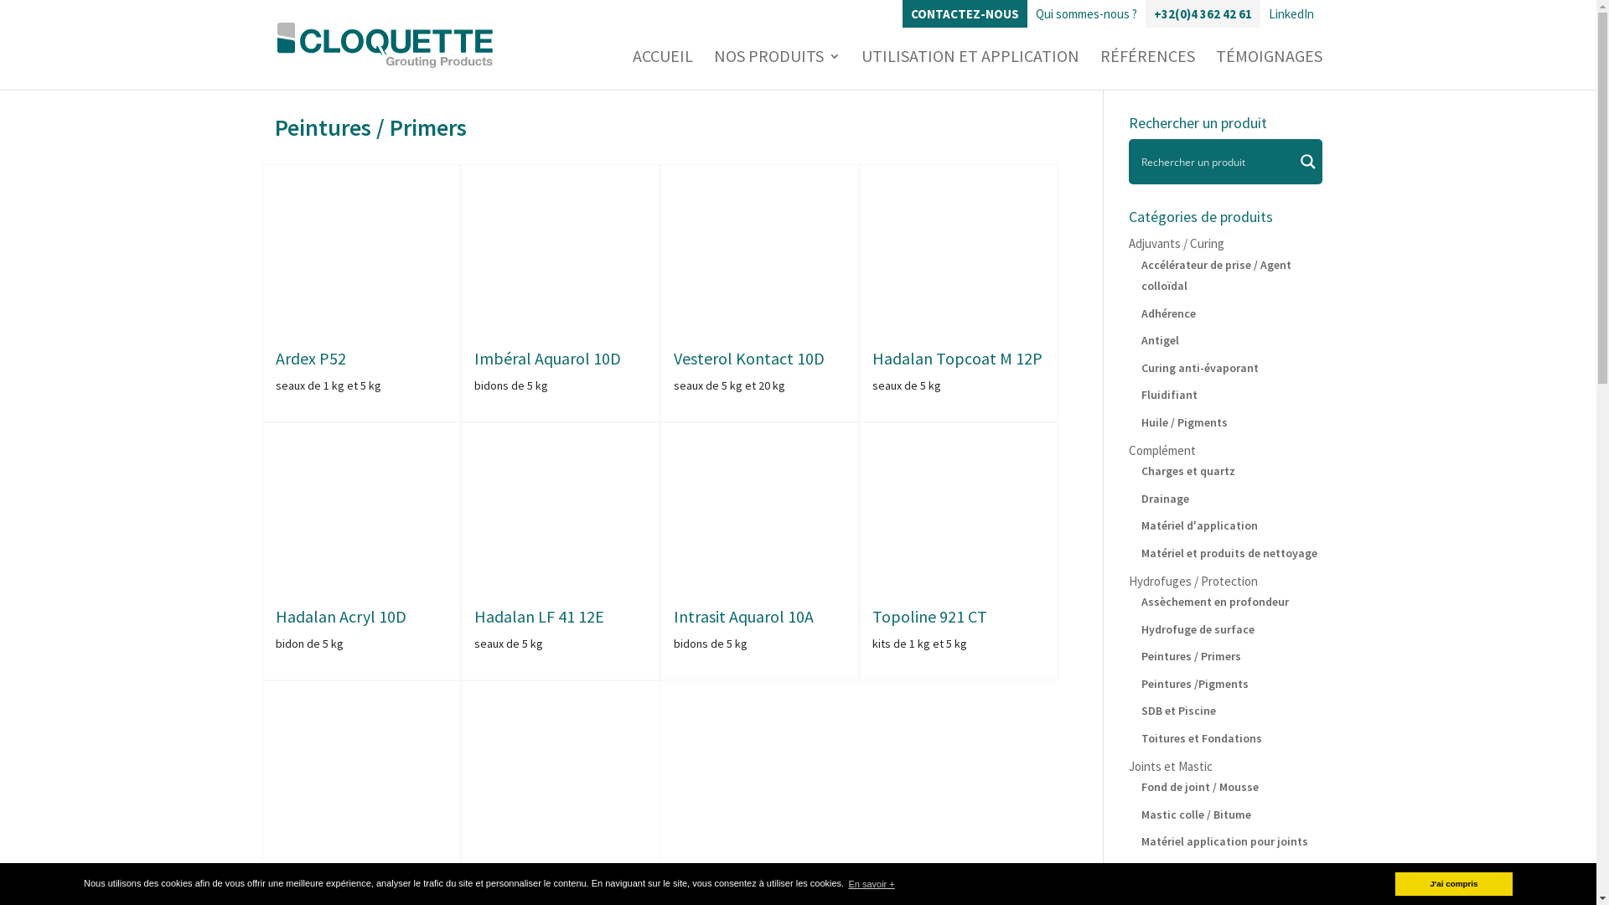 The height and width of the screenshot is (905, 1609). I want to click on 'NOS PRODUITS', so click(776, 69).